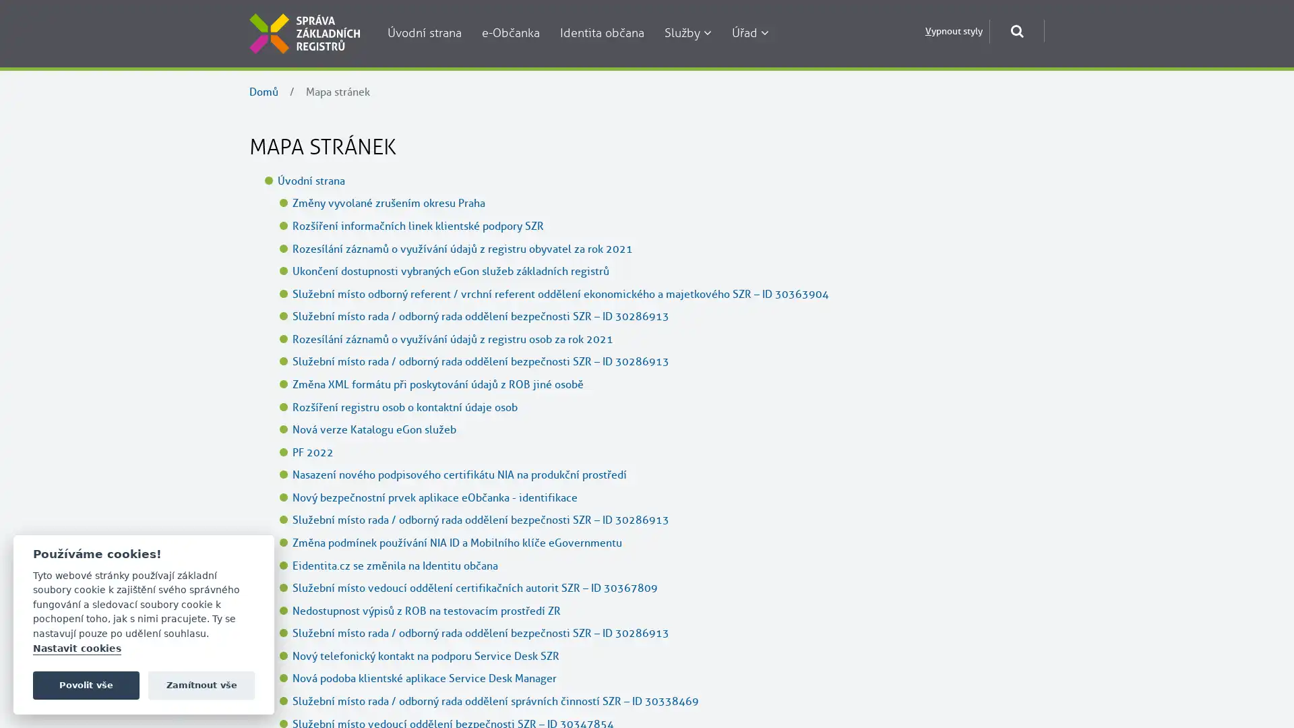  What do you see at coordinates (200, 684) in the screenshot?
I see `Zamitnout vse` at bounding box center [200, 684].